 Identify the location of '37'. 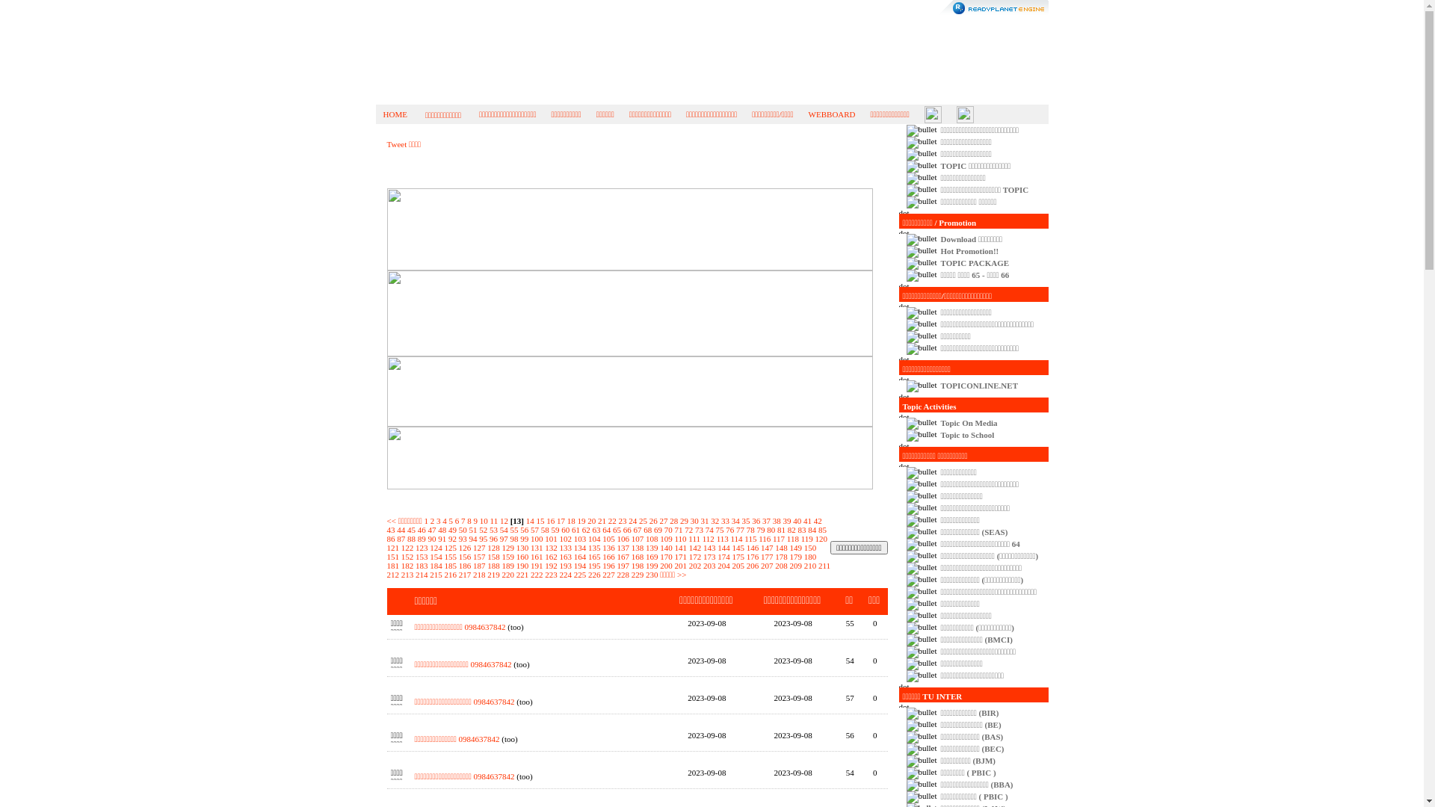
(762, 520).